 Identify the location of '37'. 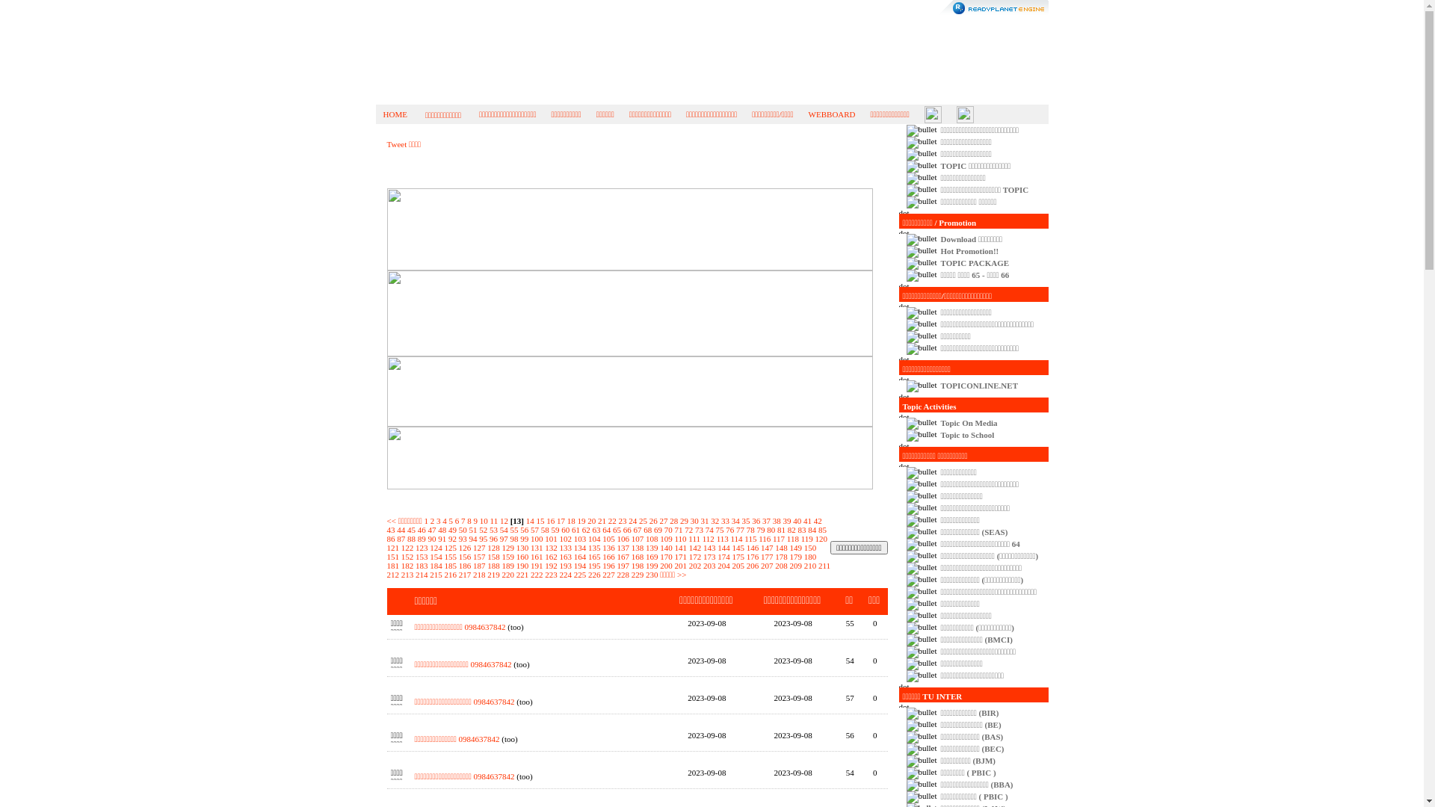
(762, 520).